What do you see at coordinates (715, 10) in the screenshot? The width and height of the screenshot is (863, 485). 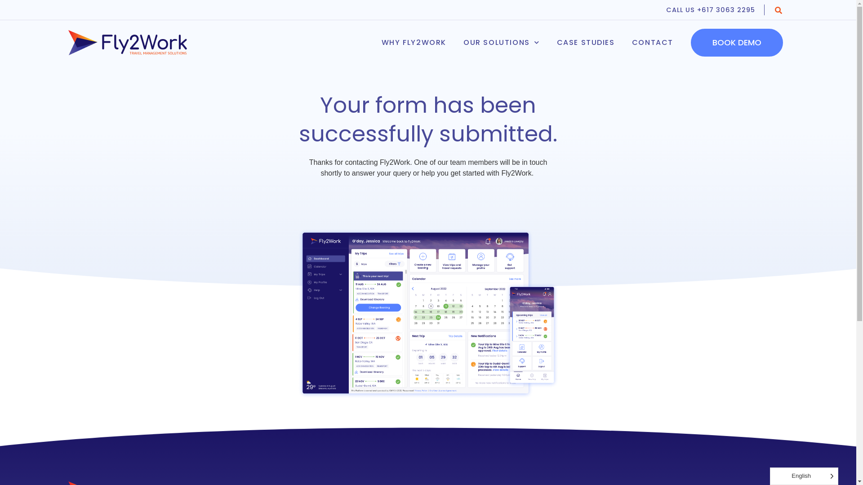 I see `'CALL US +617 3063 2295'` at bounding box center [715, 10].